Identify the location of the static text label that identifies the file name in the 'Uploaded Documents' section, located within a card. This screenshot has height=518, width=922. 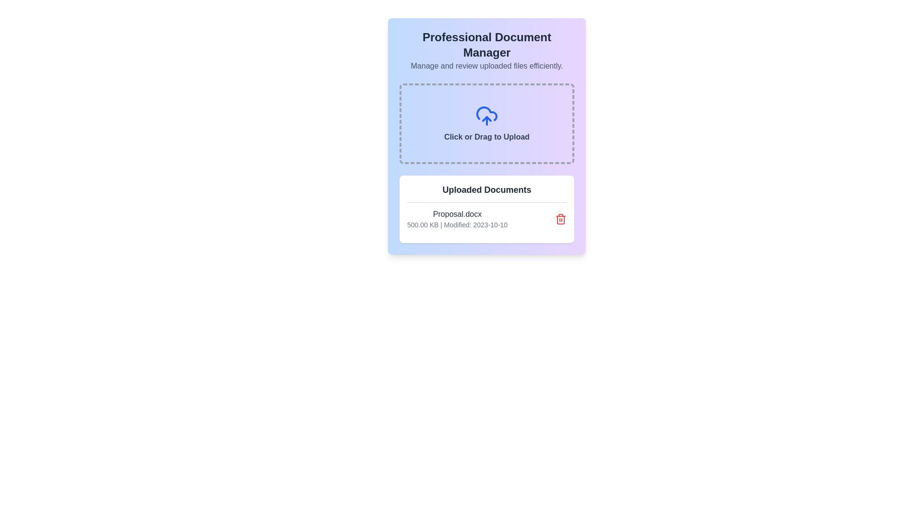
(457, 214).